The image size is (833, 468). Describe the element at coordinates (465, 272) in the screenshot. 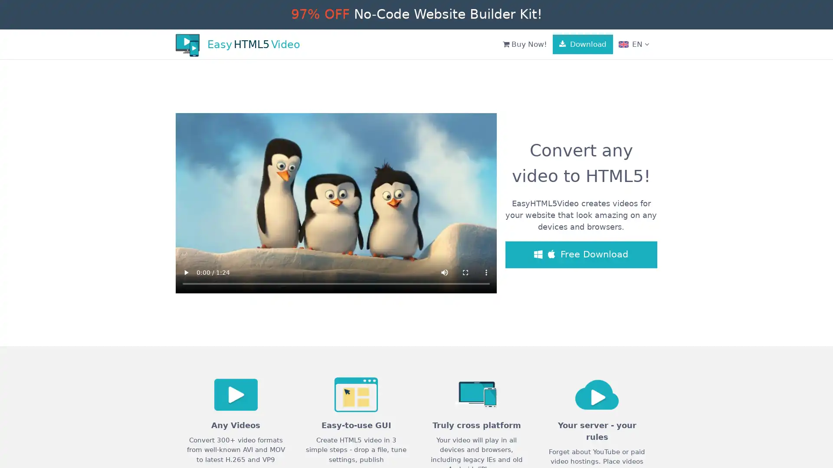

I see `enter full screen` at that location.